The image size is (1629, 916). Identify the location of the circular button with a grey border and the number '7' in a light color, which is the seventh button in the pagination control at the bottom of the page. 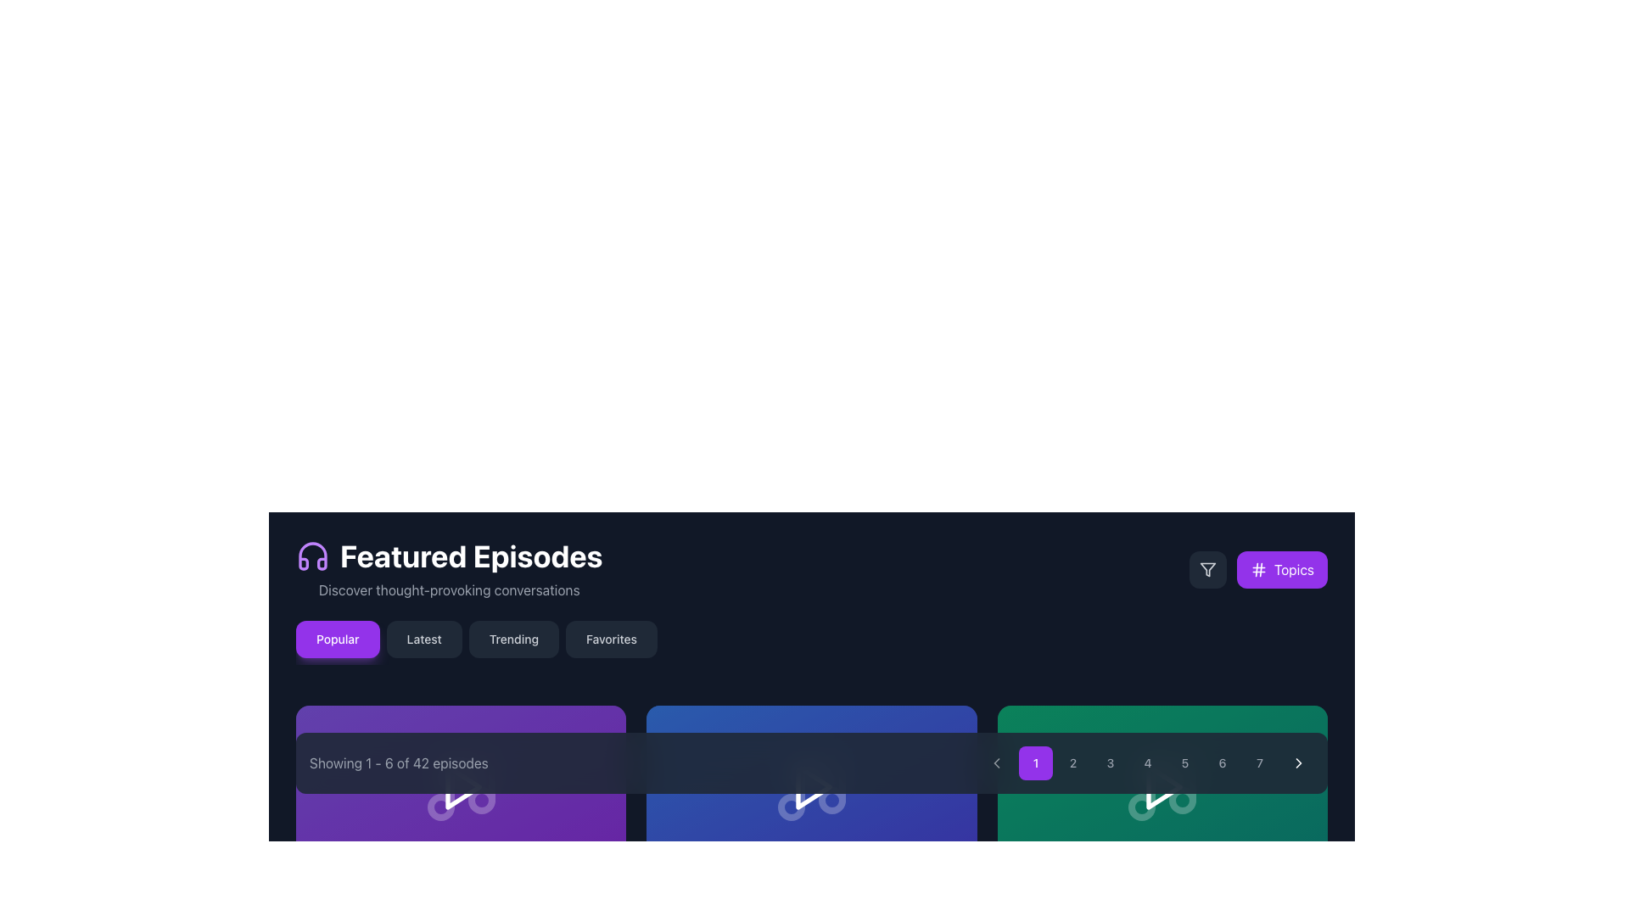
(1259, 762).